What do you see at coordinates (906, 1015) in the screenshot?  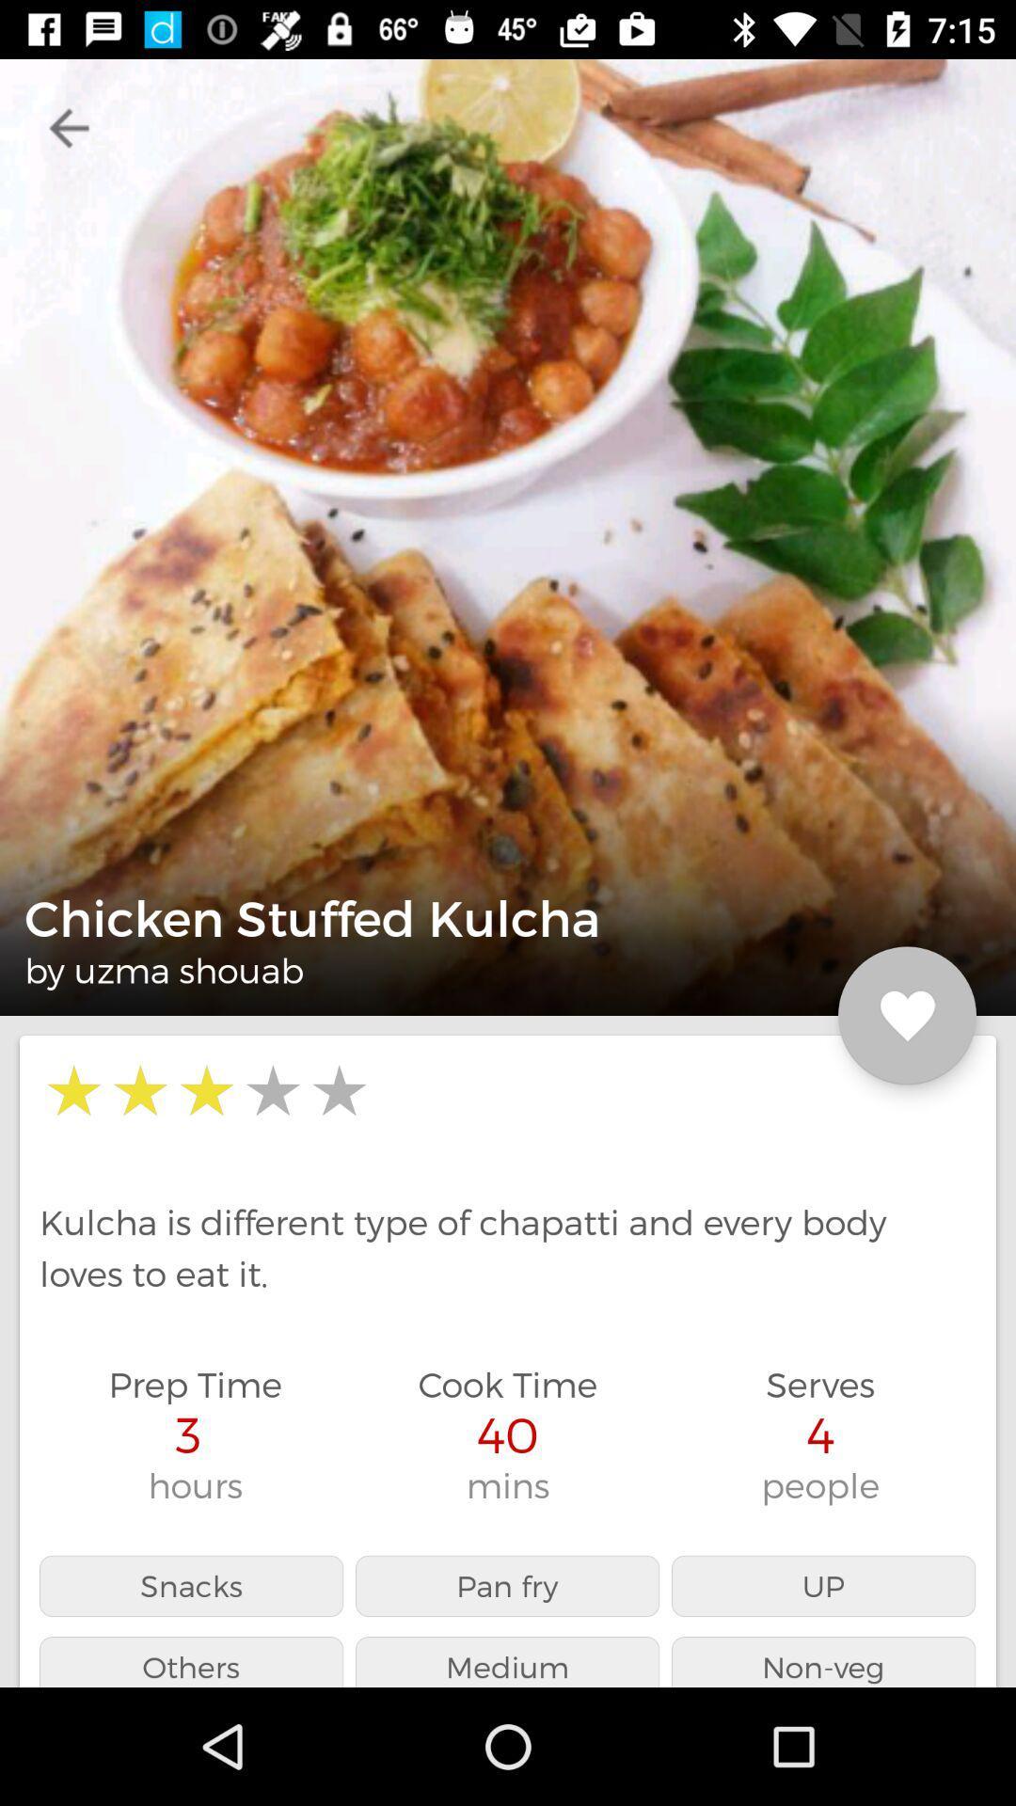 I see `the favorite icon` at bounding box center [906, 1015].